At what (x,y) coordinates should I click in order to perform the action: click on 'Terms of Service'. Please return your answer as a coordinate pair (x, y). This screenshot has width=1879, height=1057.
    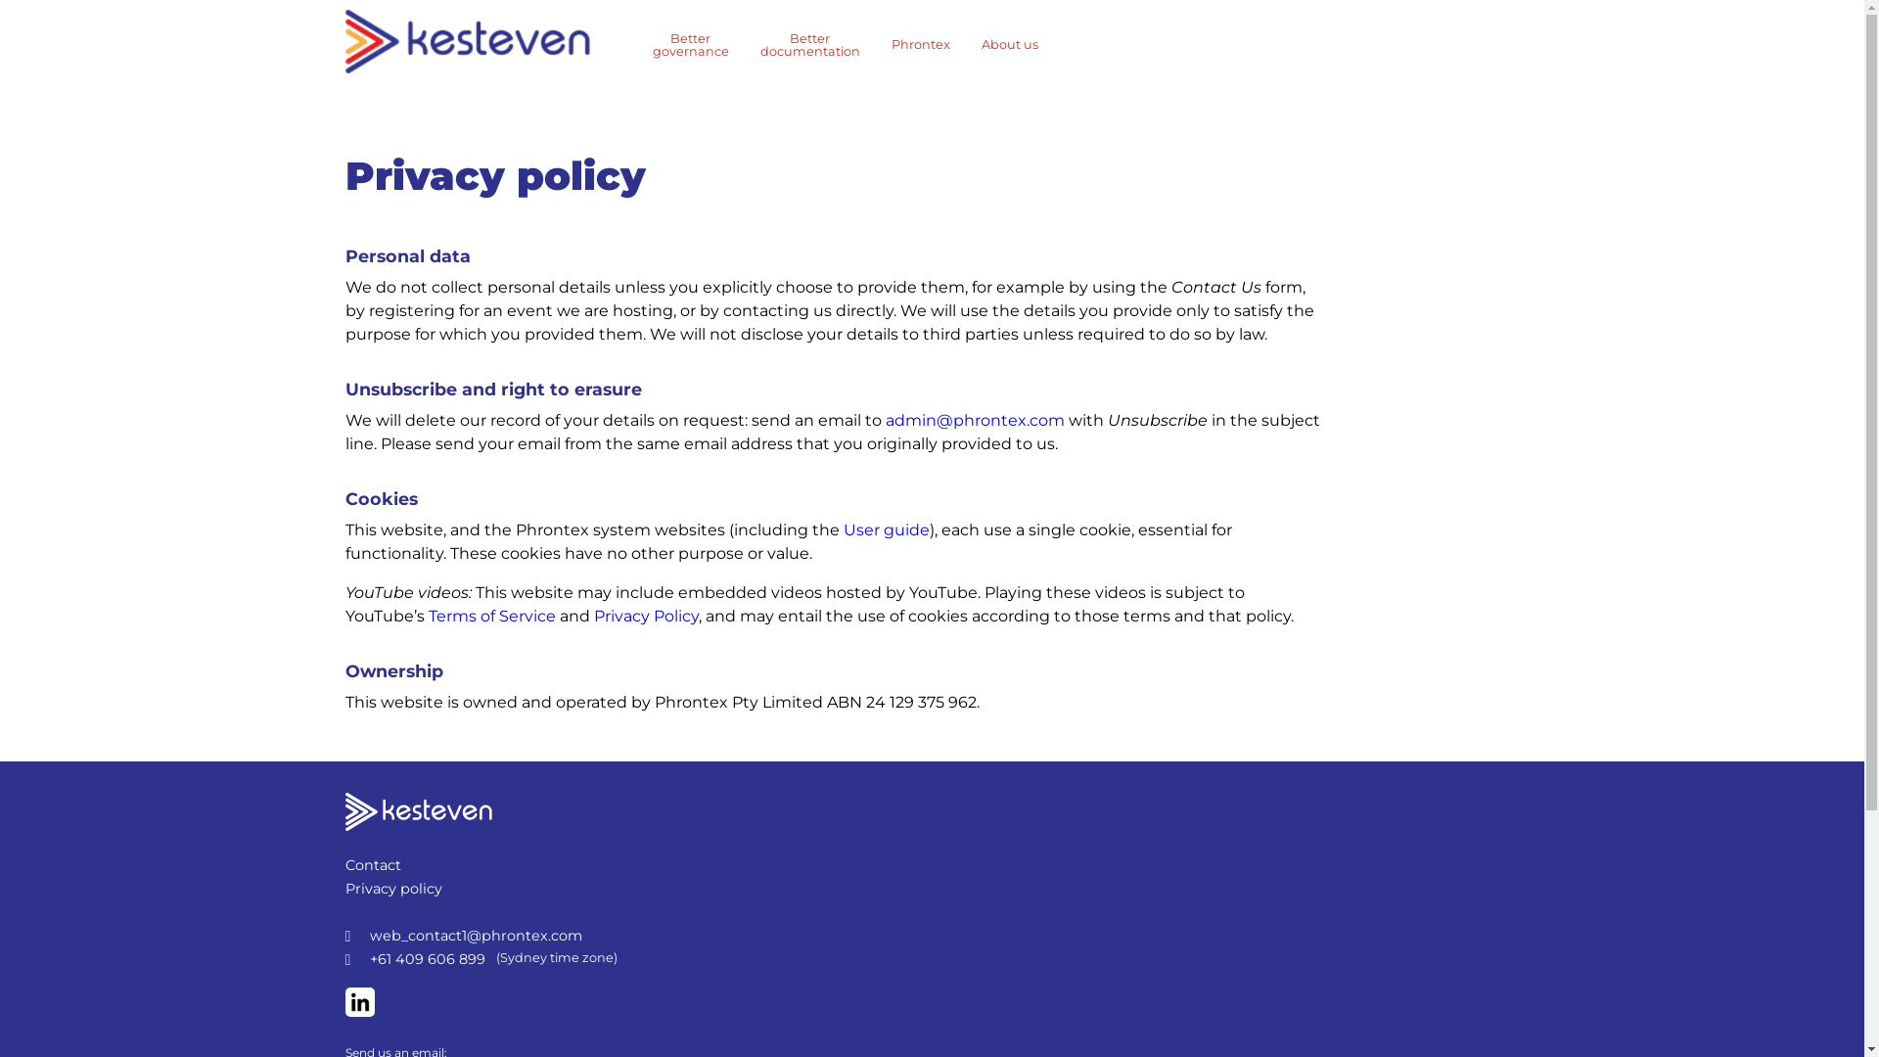
    Looking at the image, I should click on (492, 615).